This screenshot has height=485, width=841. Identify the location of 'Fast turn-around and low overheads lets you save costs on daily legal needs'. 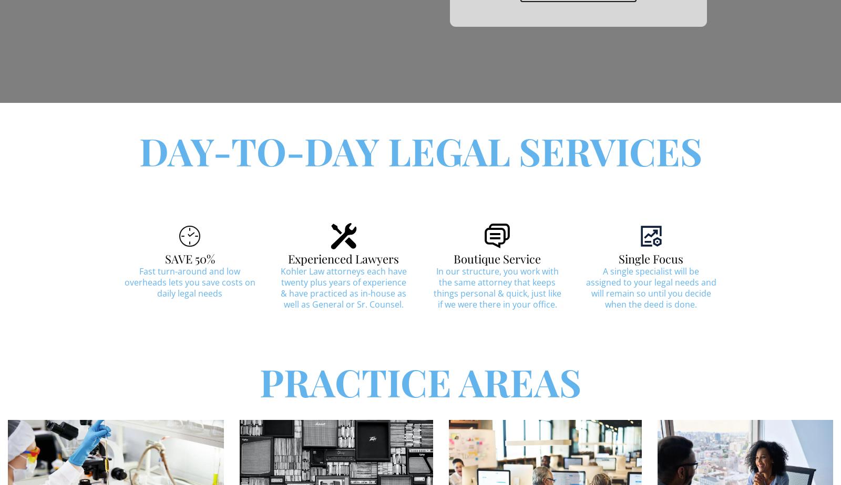
(189, 282).